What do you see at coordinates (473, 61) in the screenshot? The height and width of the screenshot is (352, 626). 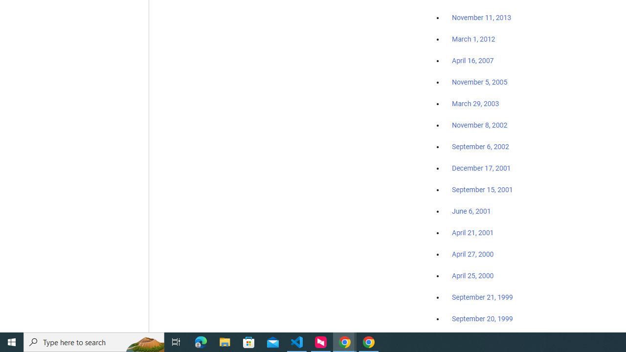 I see `'April 16, 2007'` at bounding box center [473, 61].